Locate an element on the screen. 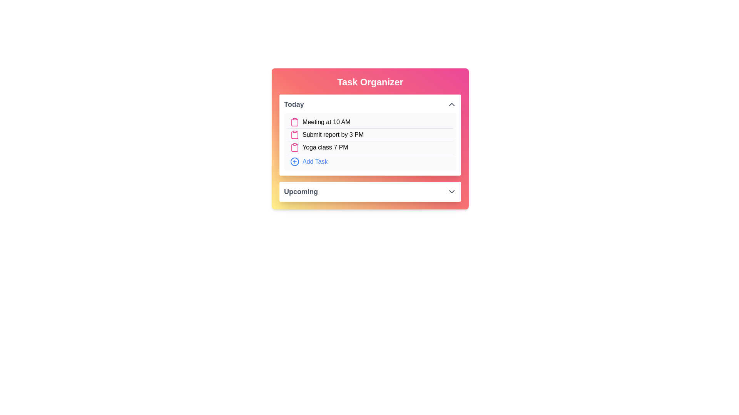  the clipboard icon with a bold pink outline located in the 'Yoga class 7 PM' task entry row in the 'Today' section of the task organizer is located at coordinates (294, 148).